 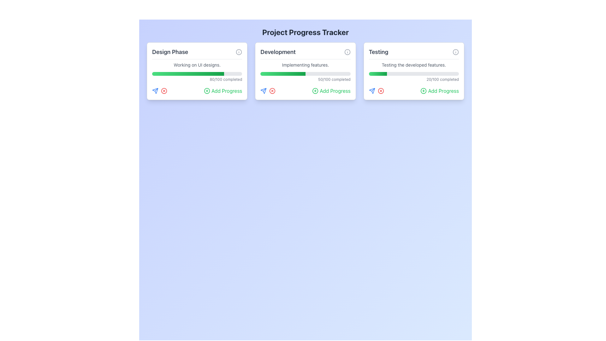 What do you see at coordinates (414, 74) in the screenshot?
I see `the horizontal progress bar located within the 'Testing' card, which indicates 20% completion with a green-to-red gradient fill` at bounding box center [414, 74].